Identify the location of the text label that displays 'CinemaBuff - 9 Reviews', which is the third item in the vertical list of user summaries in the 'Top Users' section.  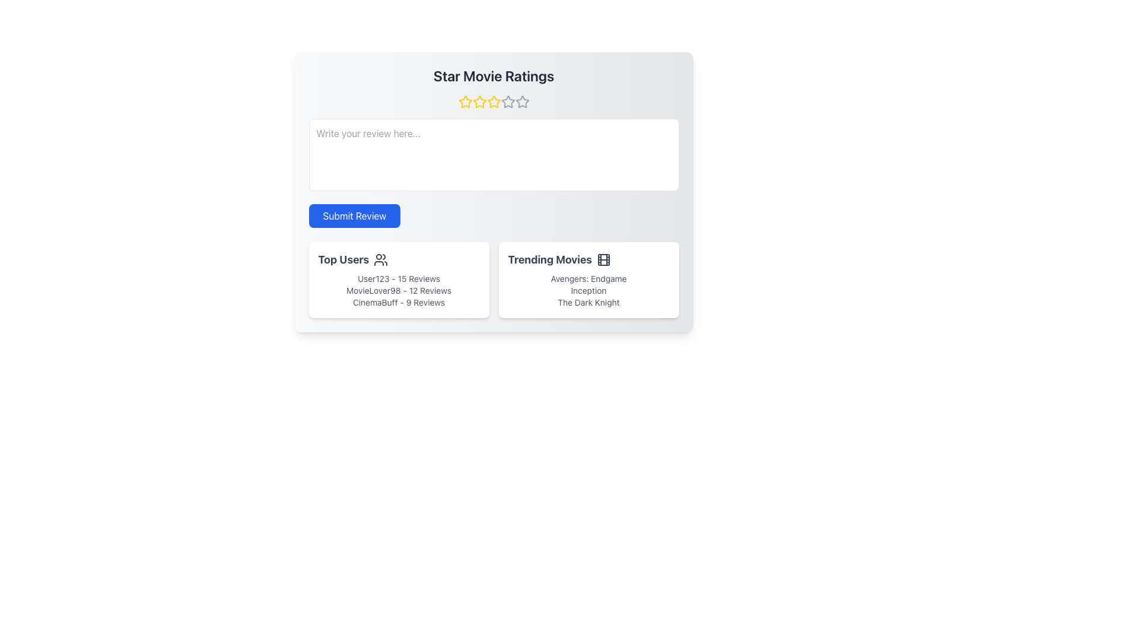
(399, 302).